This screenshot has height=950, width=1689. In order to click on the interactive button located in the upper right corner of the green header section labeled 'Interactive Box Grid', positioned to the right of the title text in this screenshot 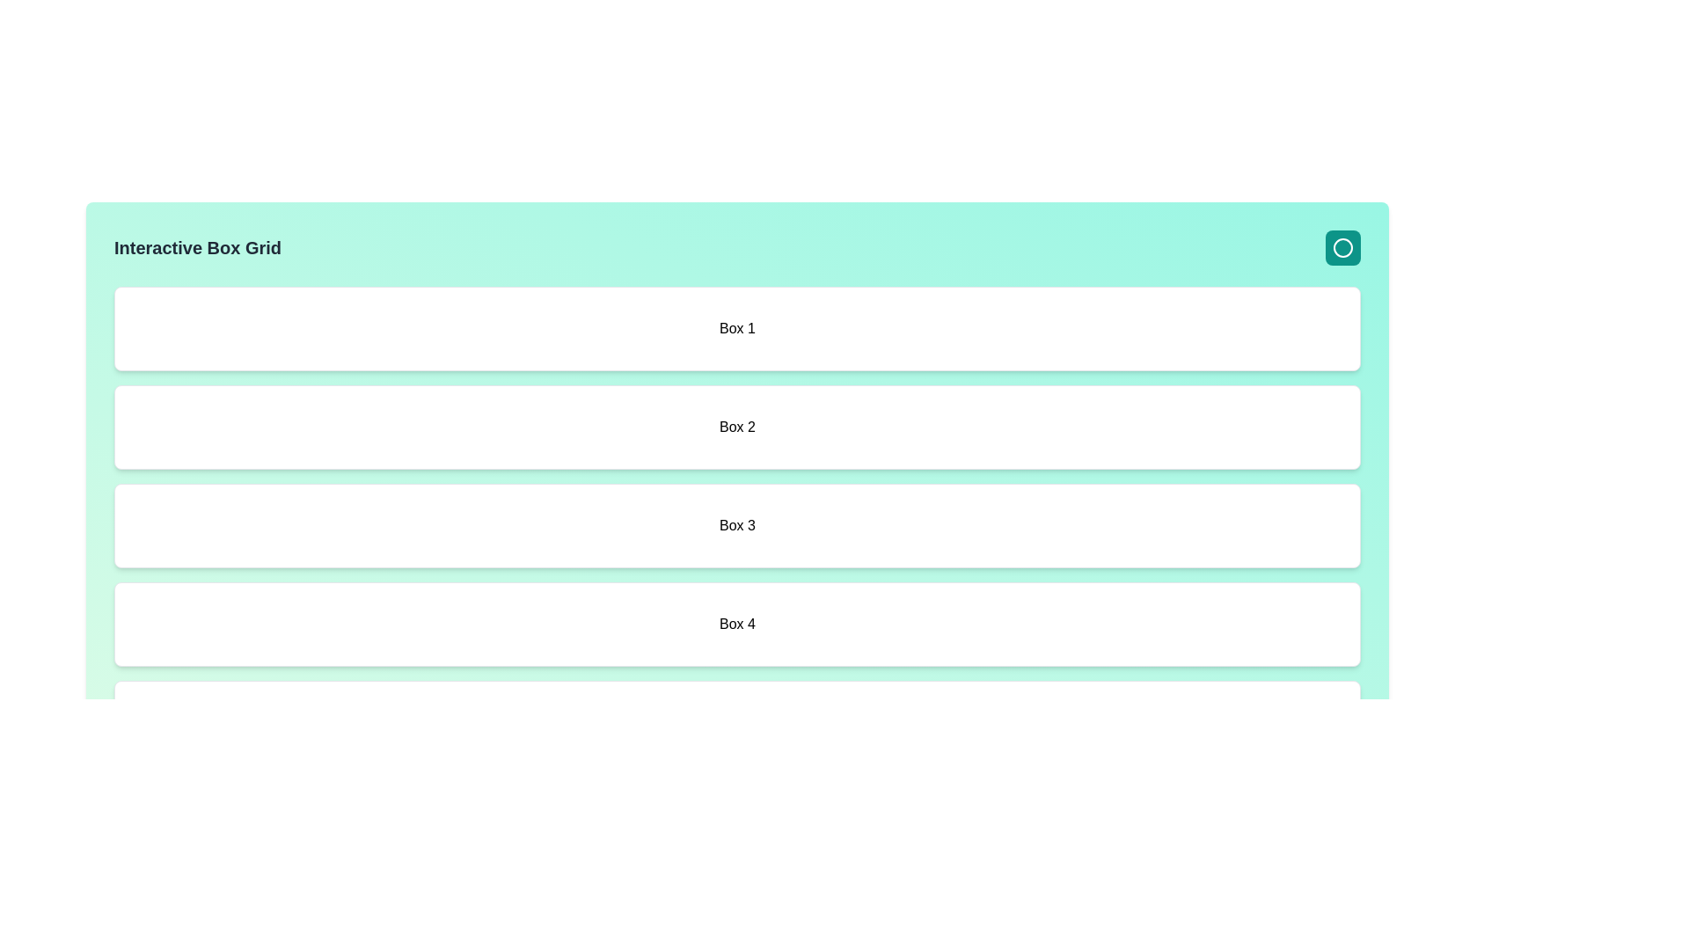, I will do `click(1342, 247)`.